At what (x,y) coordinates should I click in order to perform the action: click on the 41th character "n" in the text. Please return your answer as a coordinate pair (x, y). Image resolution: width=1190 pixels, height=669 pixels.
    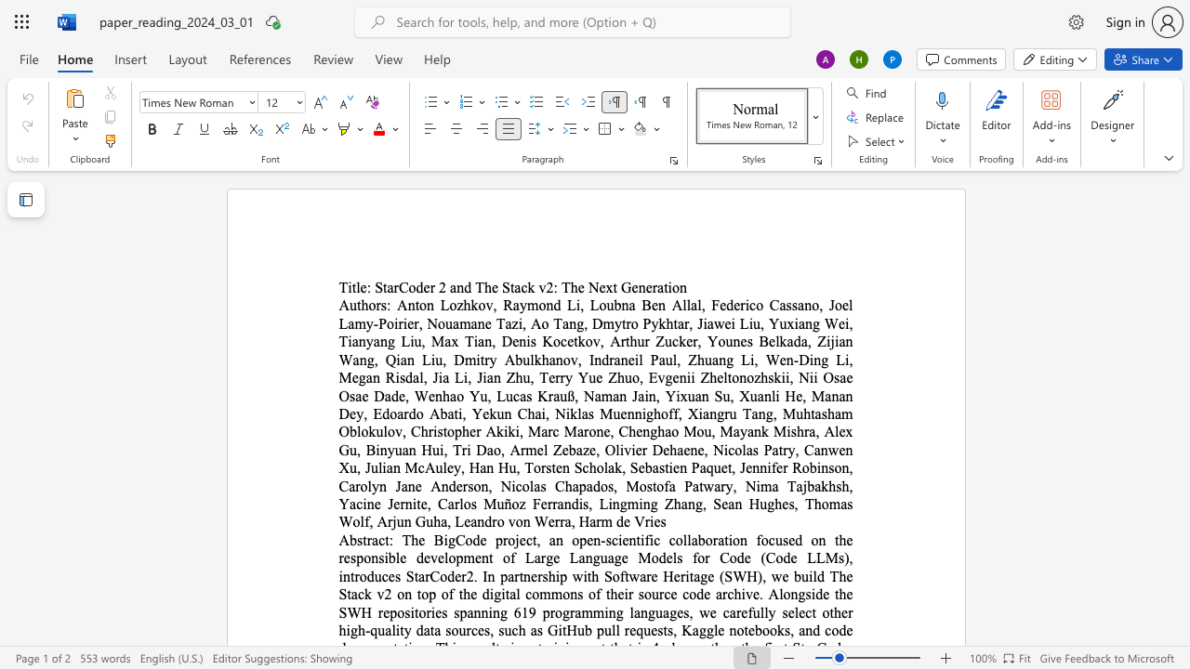
    Looking at the image, I should click on (646, 431).